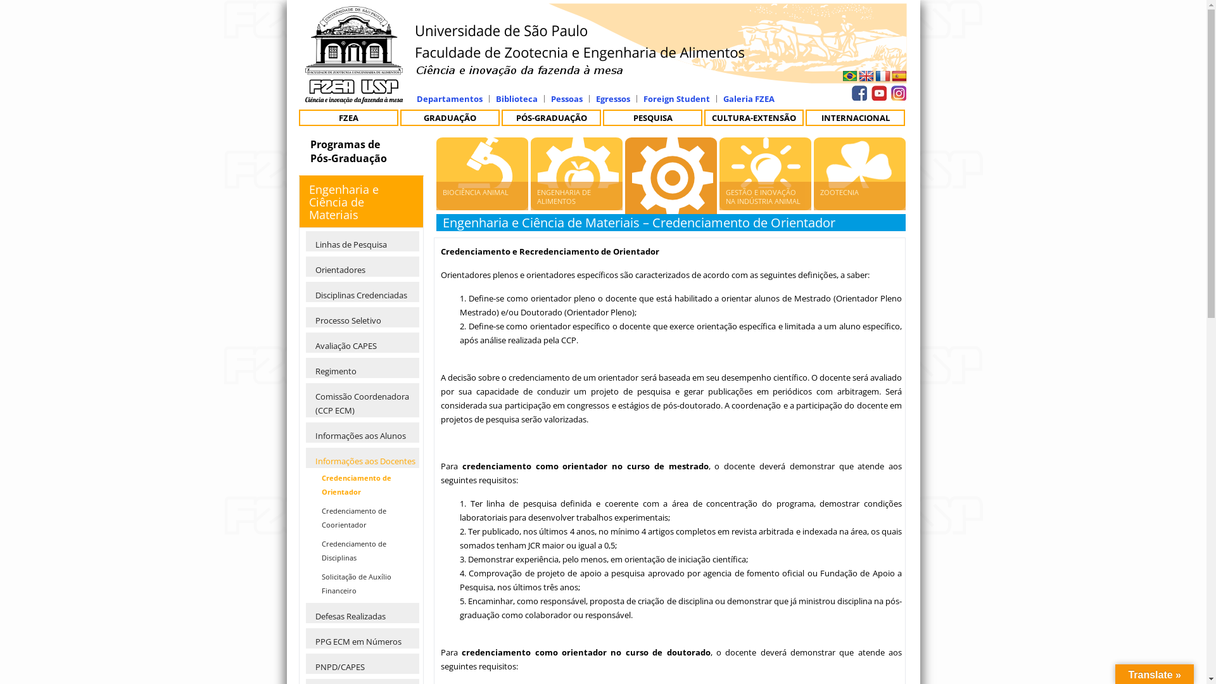  Describe the element at coordinates (652, 117) in the screenshot. I see `'PESQUISA'` at that location.